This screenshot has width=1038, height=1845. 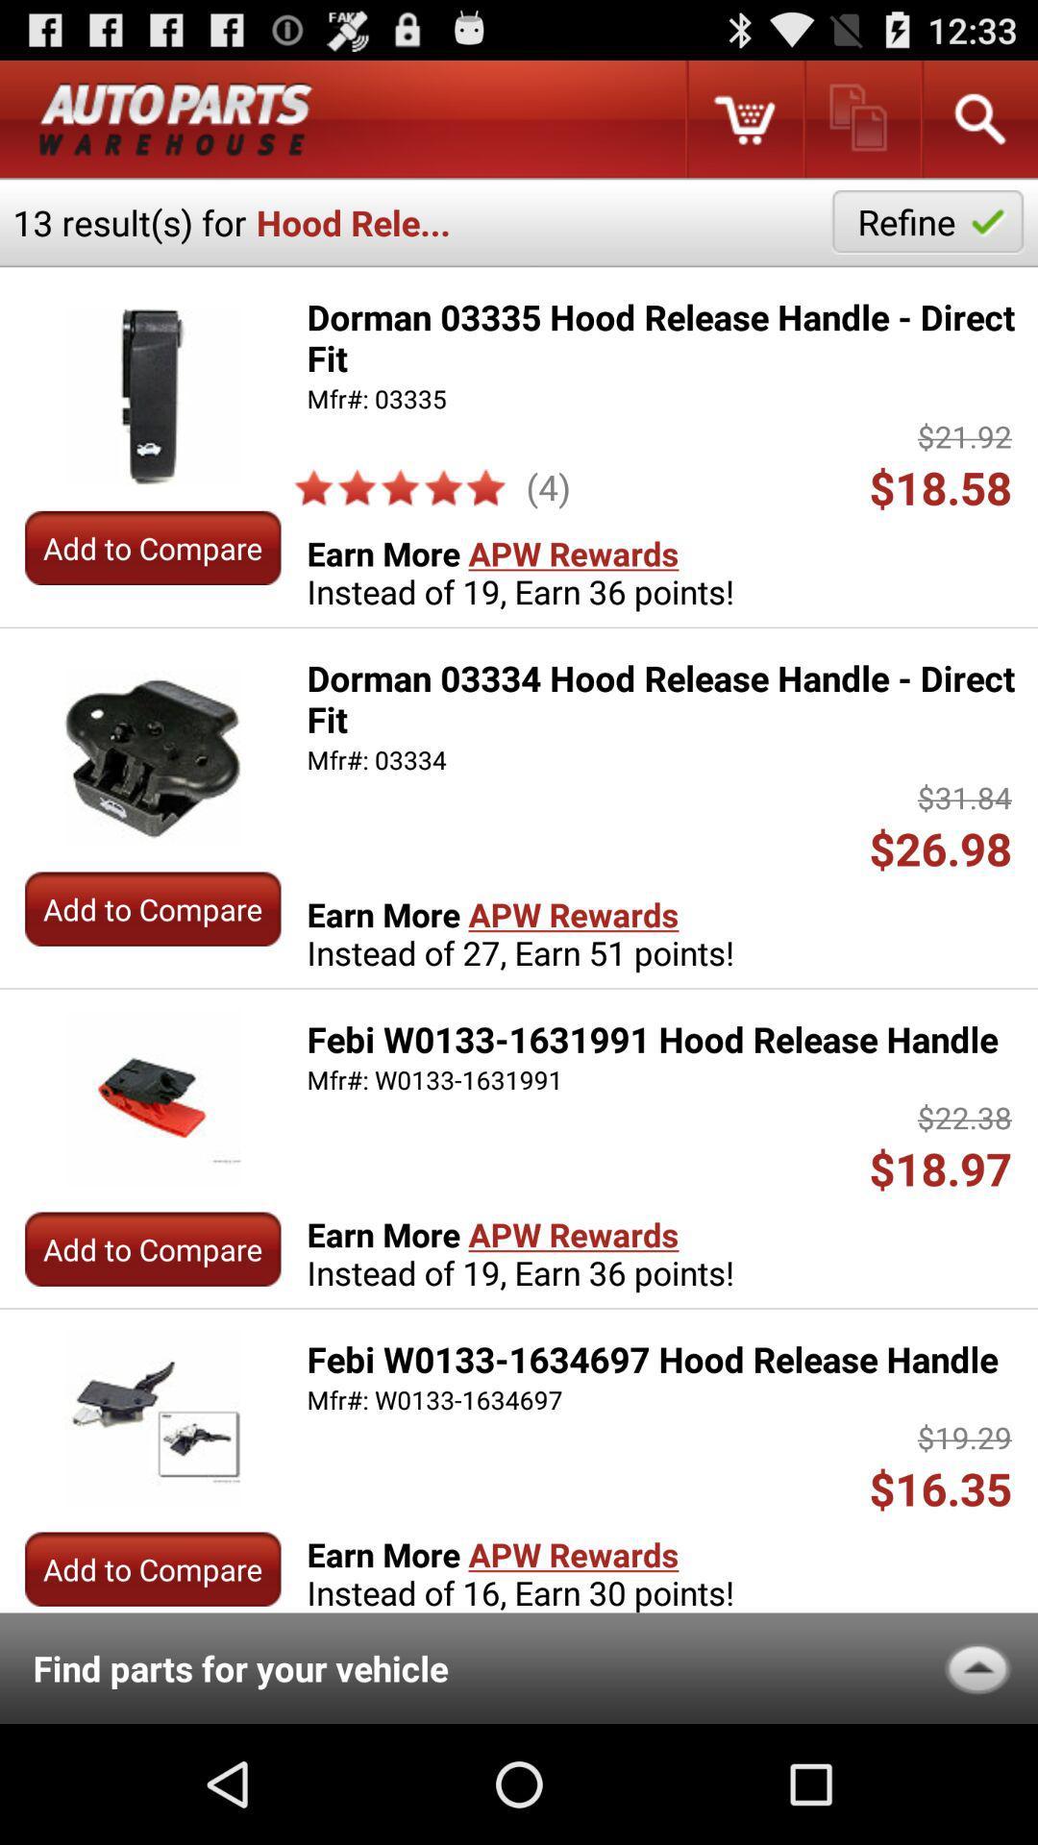 I want to click on the cart icon, so click(x=743, y=126).